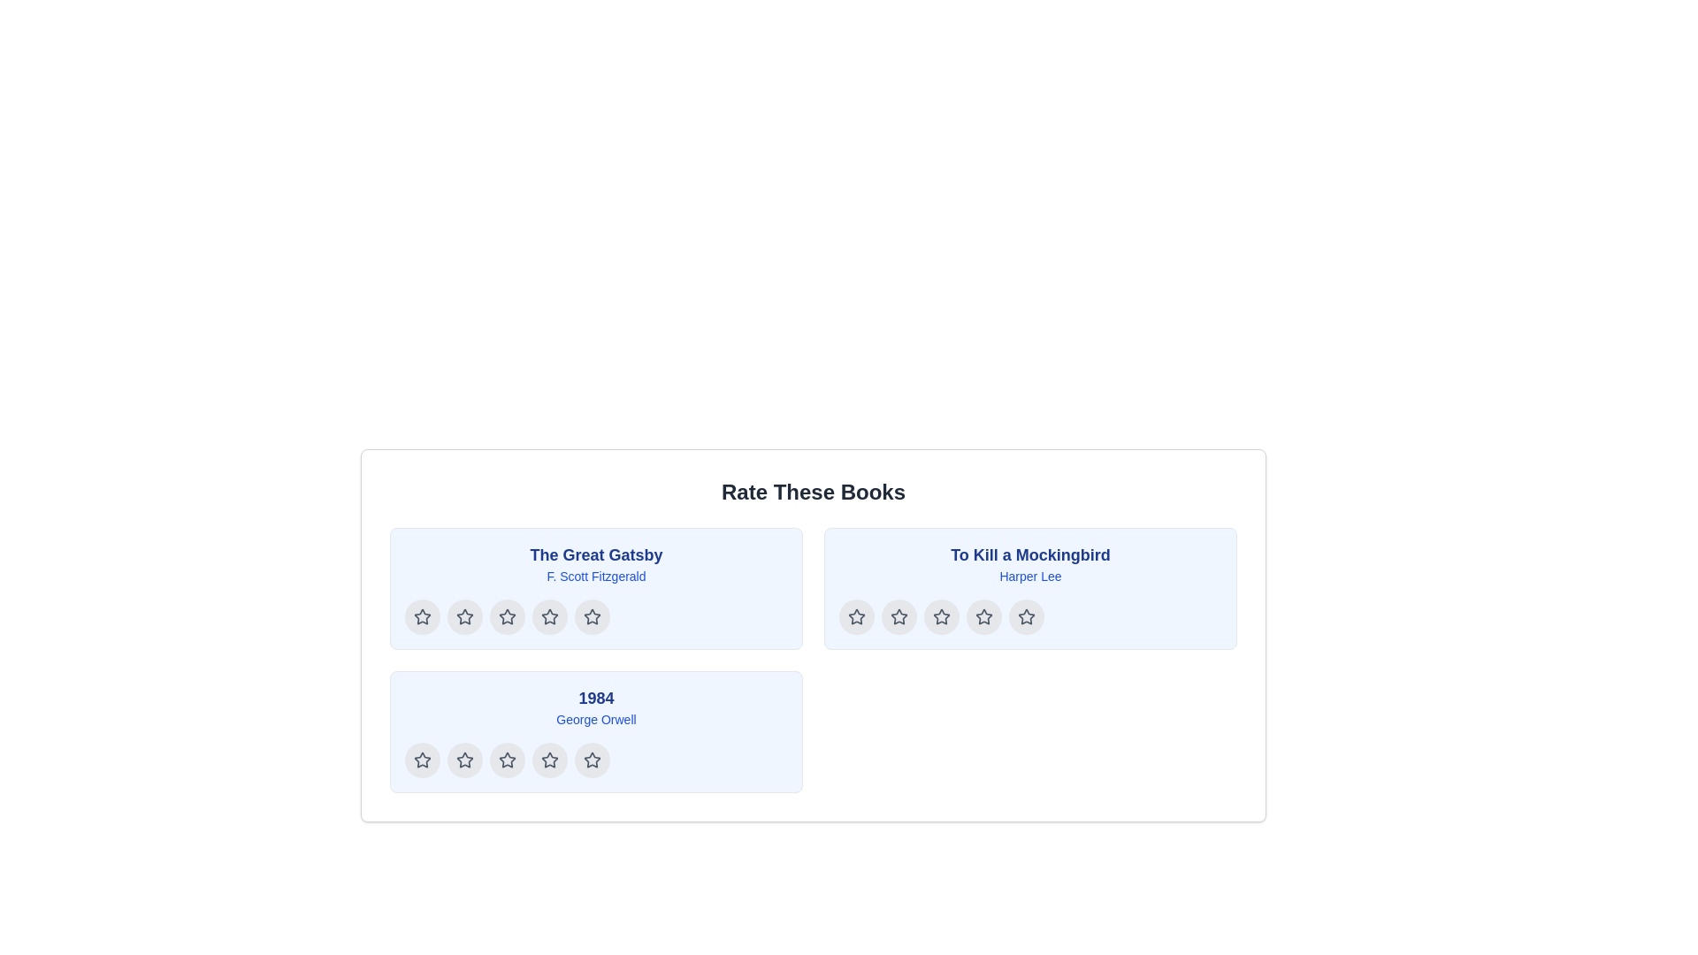  What do you see at coordinates (857, 616) in the screenshot?
I see `the first star in the second row of the rating system for 'To Kill a Mockingbird'` at bounding box center [857, 616].